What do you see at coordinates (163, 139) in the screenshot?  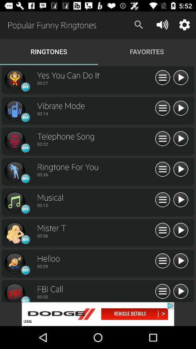 I see `menu` at bounding box center [163, 139].